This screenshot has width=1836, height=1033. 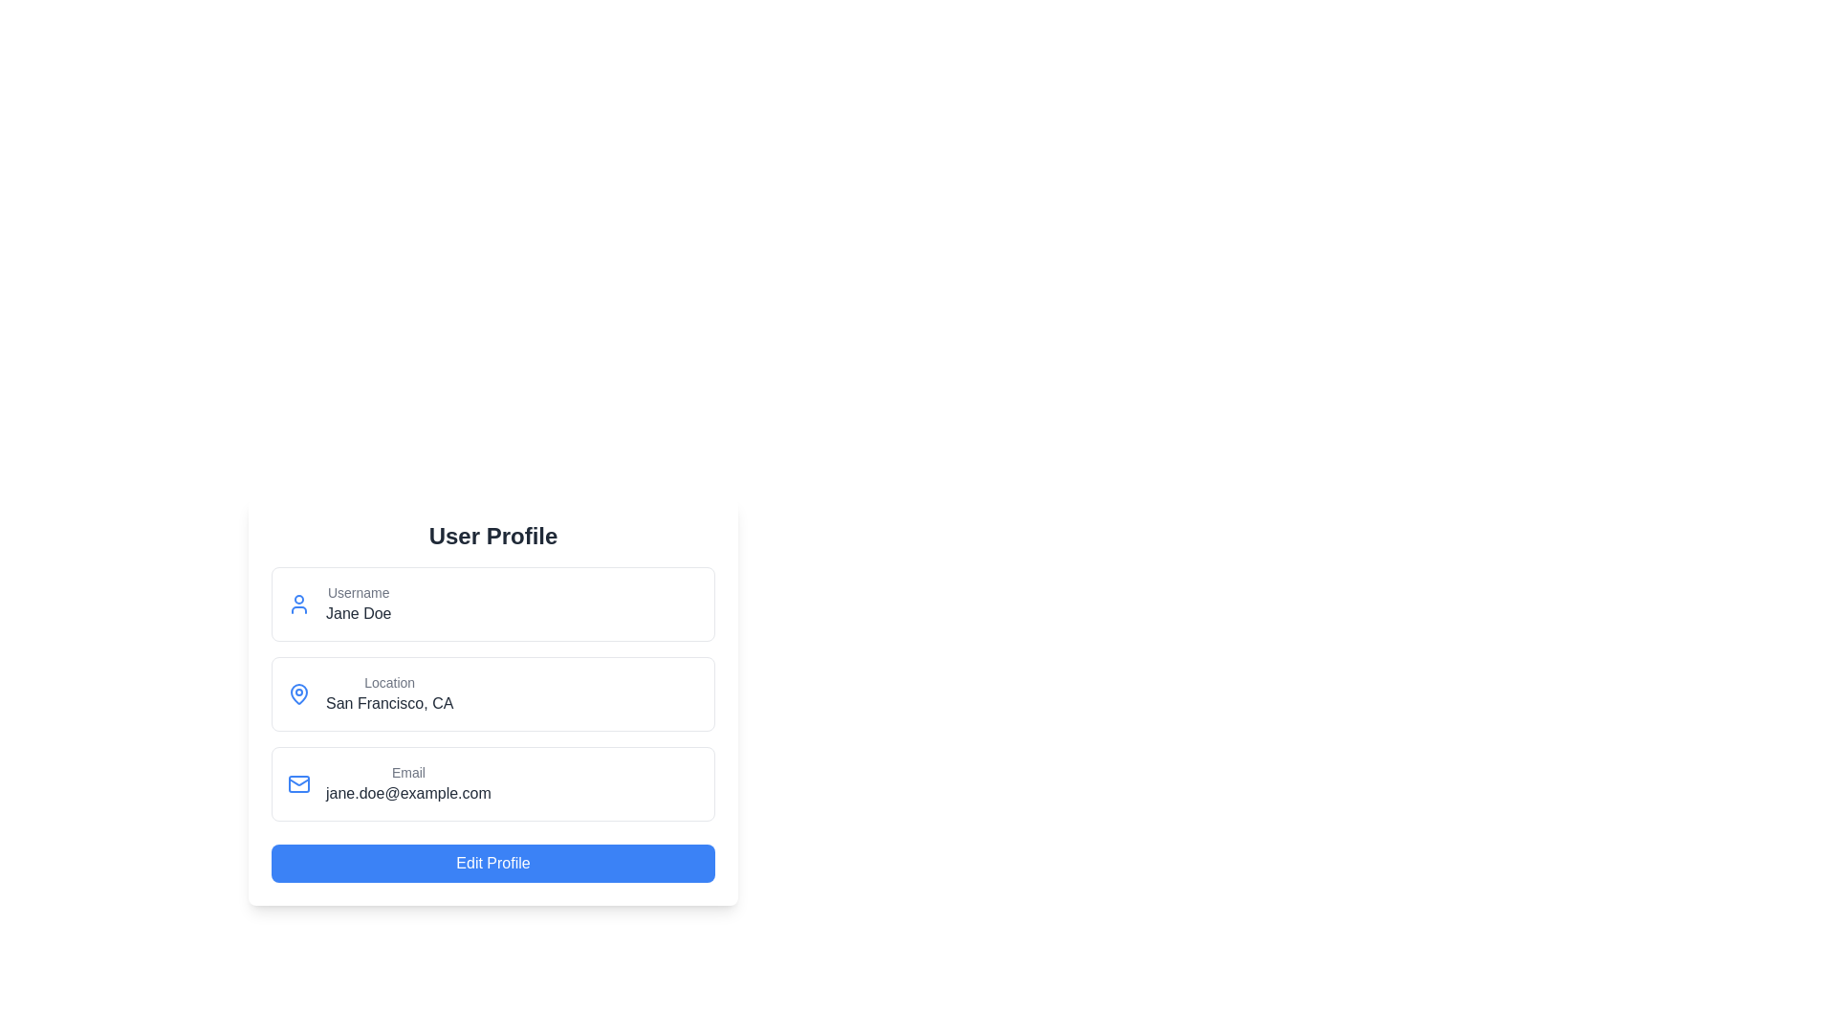 What do you see at coordinates (407, 793) in the screenshot?
I see `the static text displaying 'jane.doe@example.com', which is located at the bottom section of the user profile interface and centered within the layout` at bounding box center [407, 793].